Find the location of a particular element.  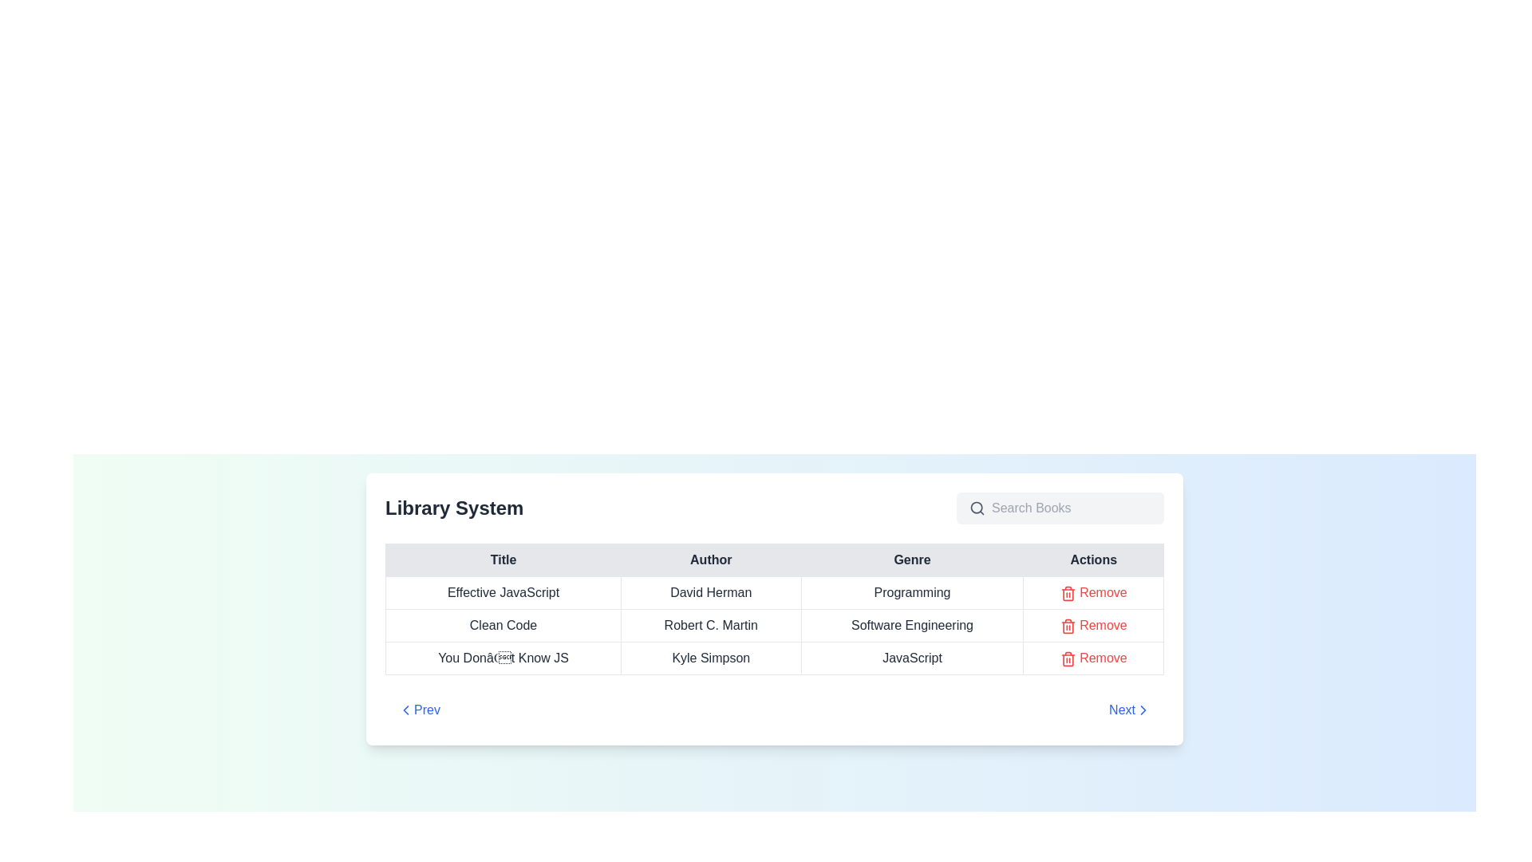

the text element displaying 'Software Engineering' in the 'Genre' column of the table corresponding to 'Clean Code' is located at coordinates (912, 624).